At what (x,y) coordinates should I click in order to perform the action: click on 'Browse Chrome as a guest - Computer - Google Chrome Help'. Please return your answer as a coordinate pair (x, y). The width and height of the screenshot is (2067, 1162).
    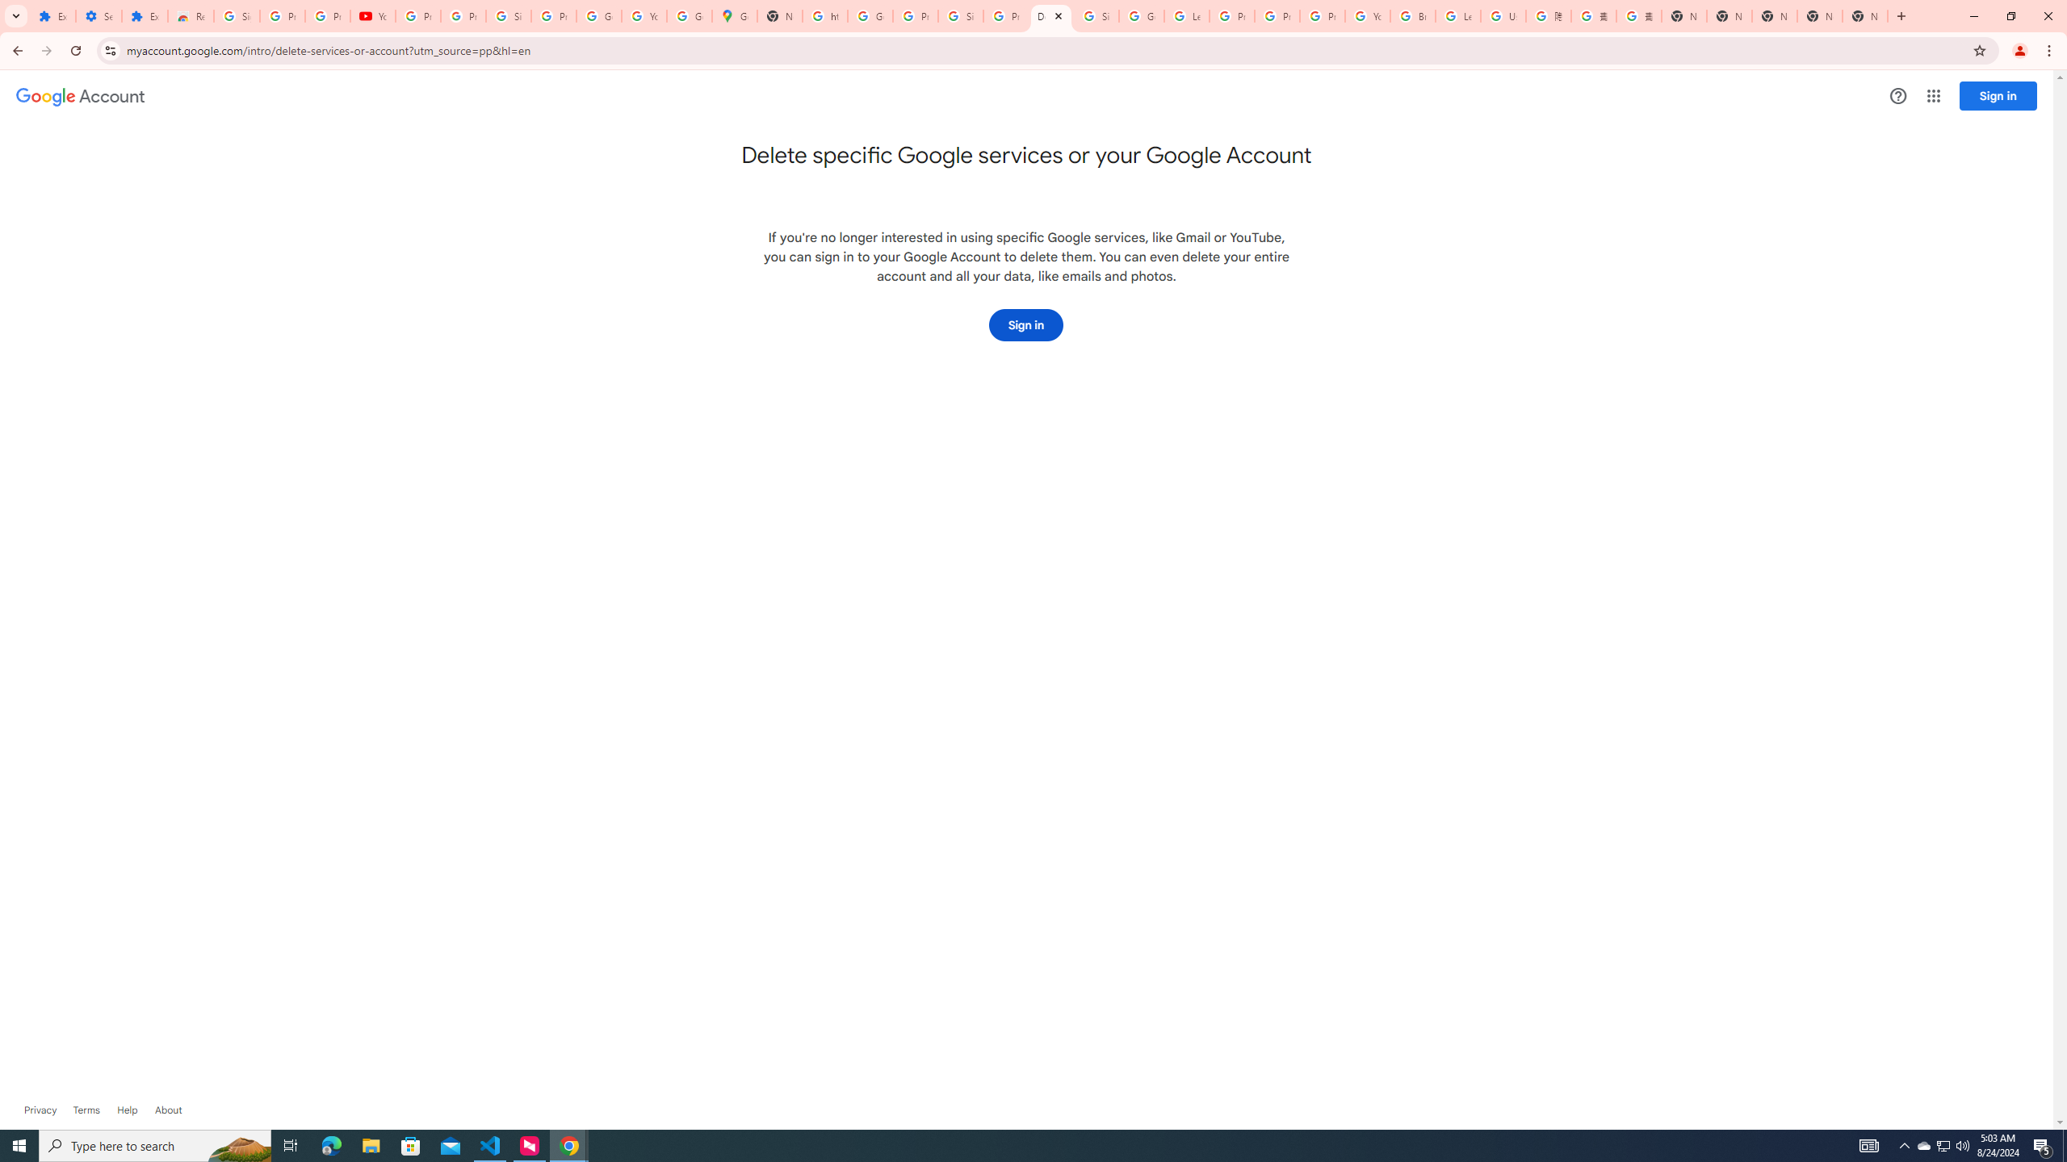
    Looking at the image, I should click on (1411, 15).